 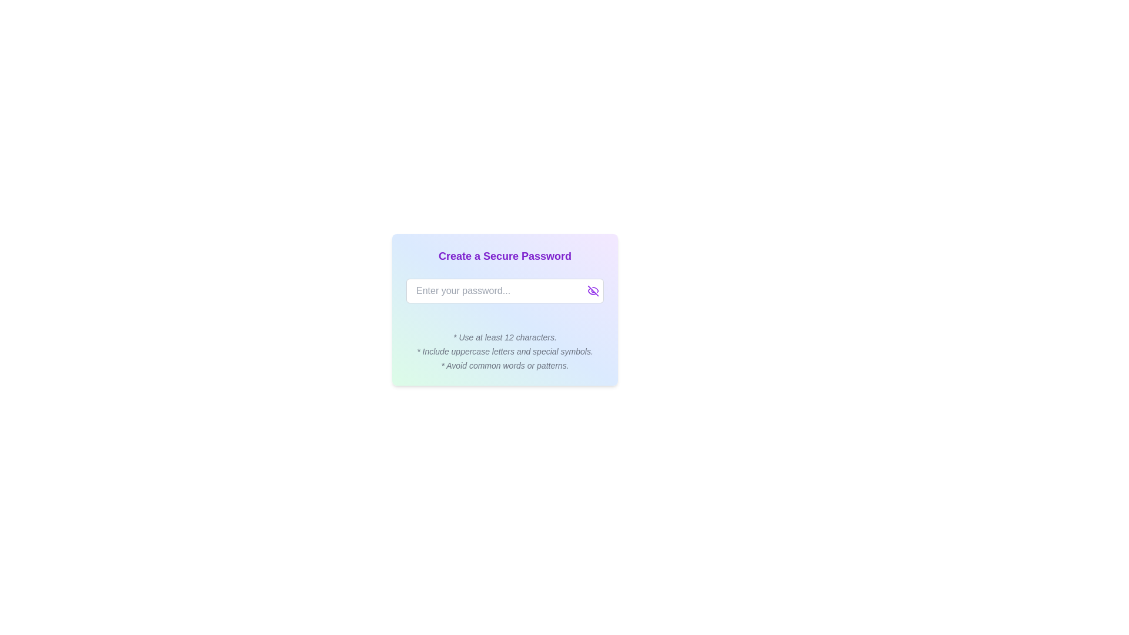 What do you see at coordinates (505, 255) in the screenshot?
I see `text from the heading element that displays 'Create a Secure Password', which is styled in bold purple font on a gradient background and serves as a prominent header above the password input field` at bounding box center [505, 255].